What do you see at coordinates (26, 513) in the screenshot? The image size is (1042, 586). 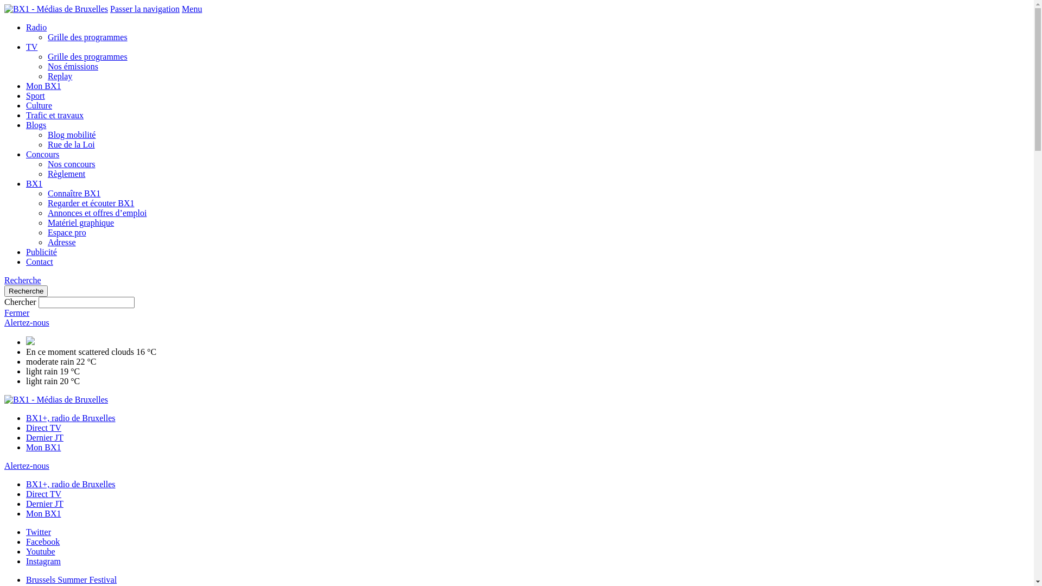 I see `'Mon BX1'` at bounding box center [26, 513].